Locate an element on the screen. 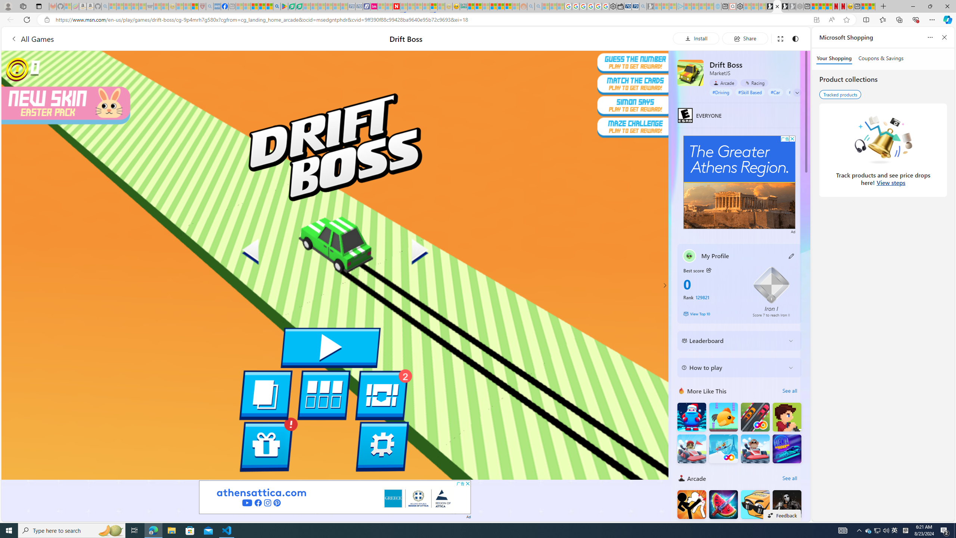  'Copilot (Ctrl+Shift+.)' is located at coordinates (947, 19).